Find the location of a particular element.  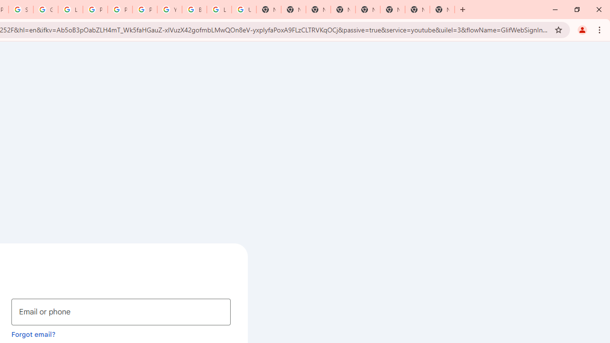

'Email or phone' is located at coordinates (121, 312).